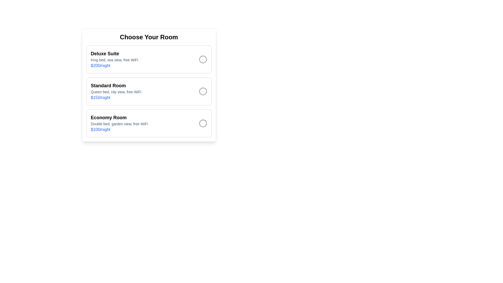 Image resolution: width=503 pixels, height=283 pixels. I want to click on the circular radio button with a thin gray outline, so click(203, 91).